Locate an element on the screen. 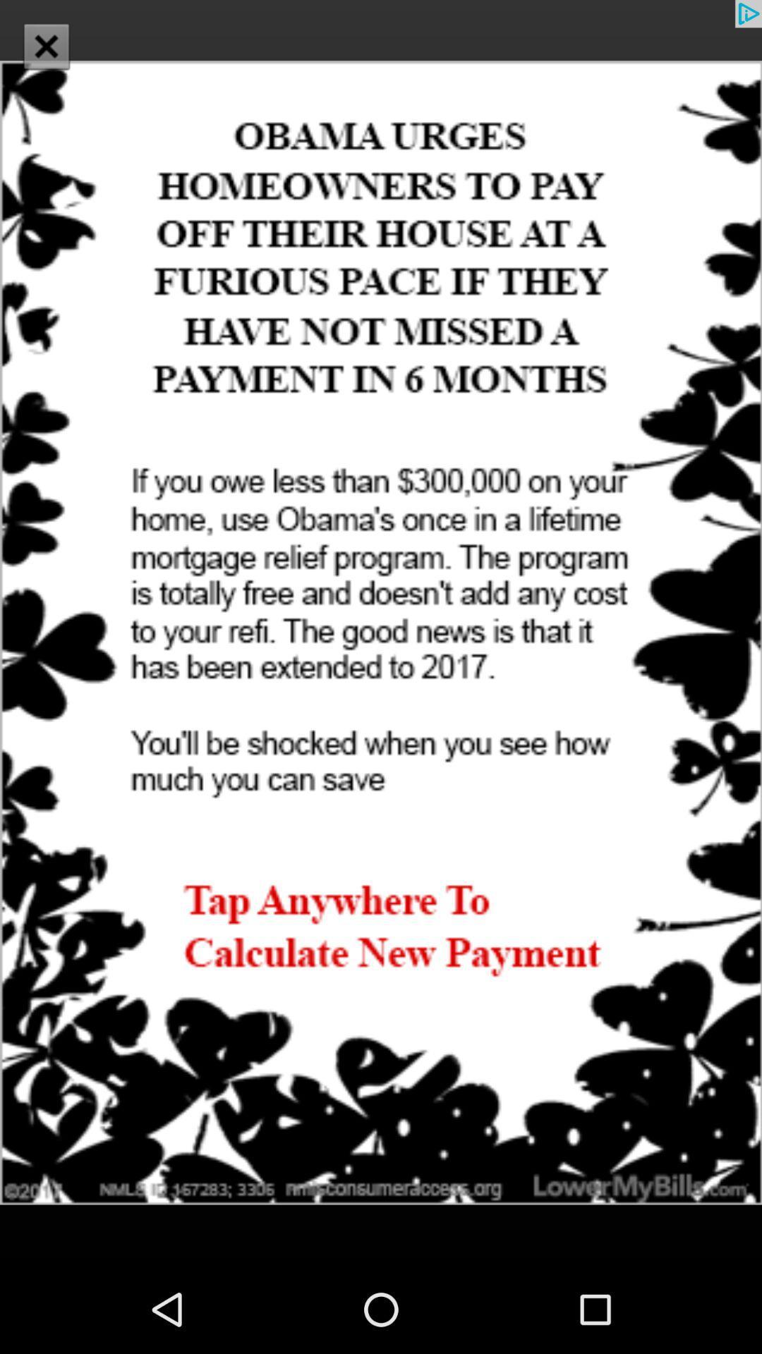  the close icon is located at coordinates (45, 49).